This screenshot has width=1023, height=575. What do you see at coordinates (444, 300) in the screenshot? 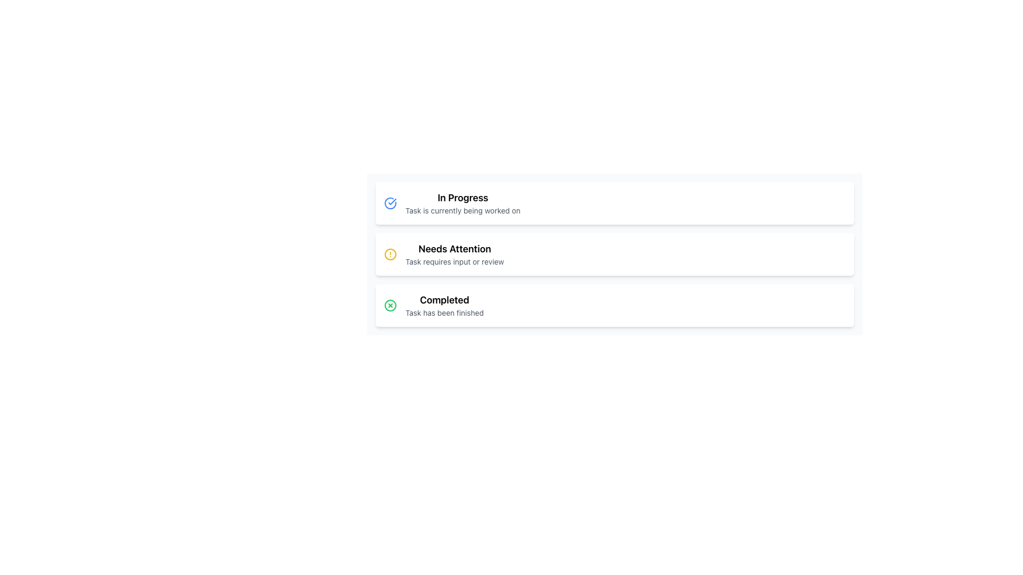
I see `text label that displays 'Completed' in bold, black font, located above the smaller descriptive text 'Task has been finished'` at bounding box center [444, 300].